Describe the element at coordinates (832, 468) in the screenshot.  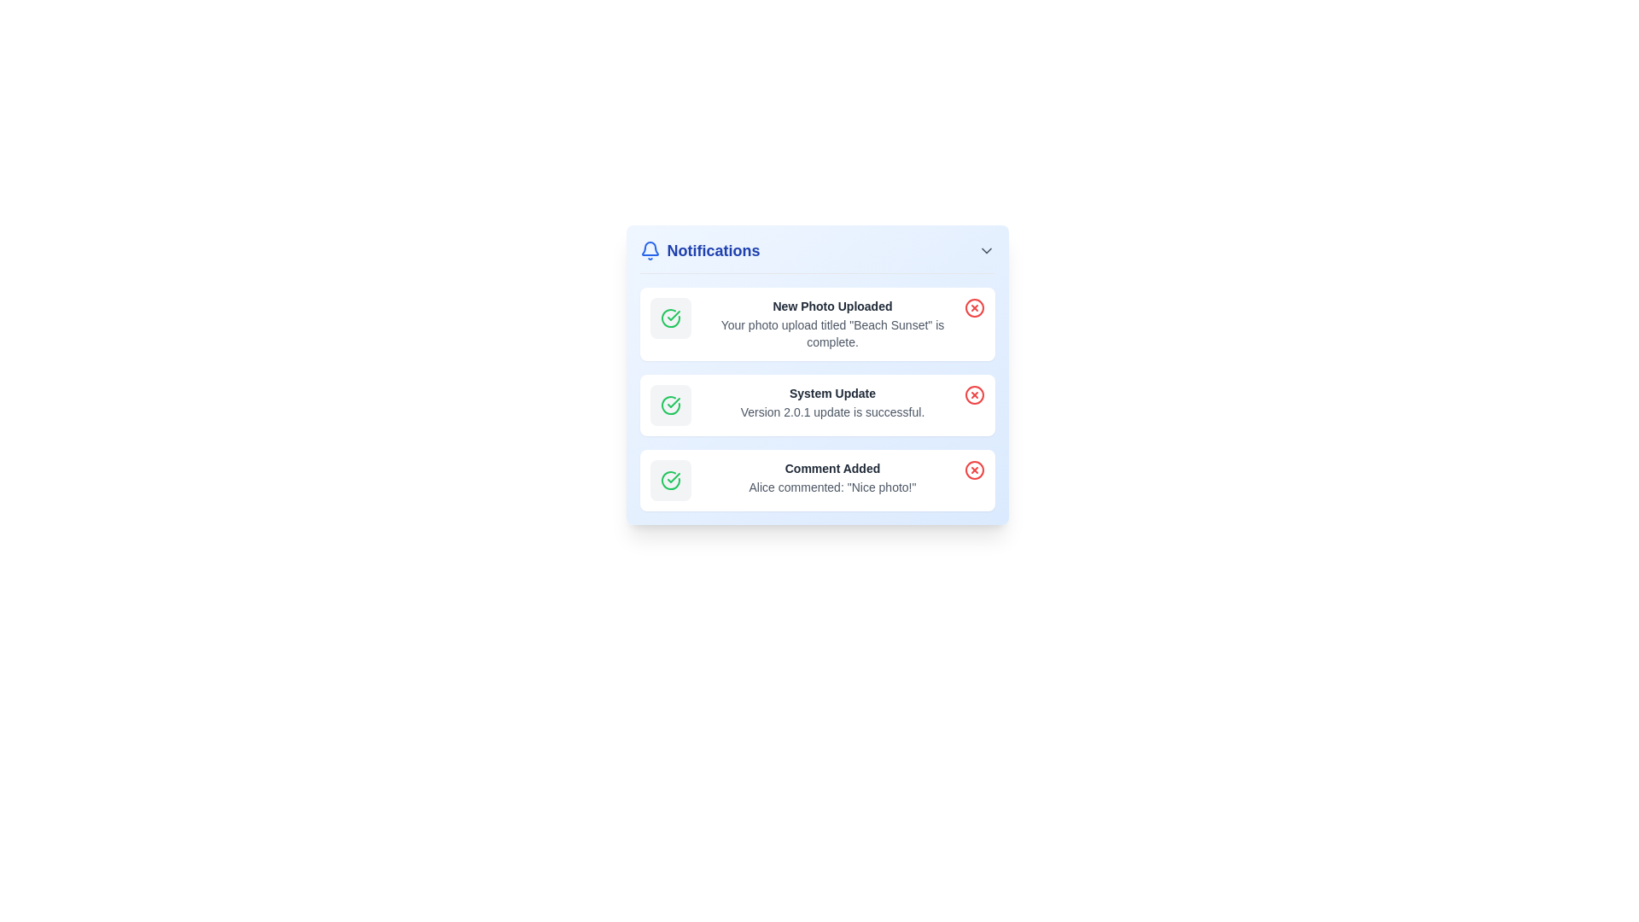
I see `the title Text Label of the notification entry, which is positioned at the top of the notification box in the 'Notifications' section` at that location.